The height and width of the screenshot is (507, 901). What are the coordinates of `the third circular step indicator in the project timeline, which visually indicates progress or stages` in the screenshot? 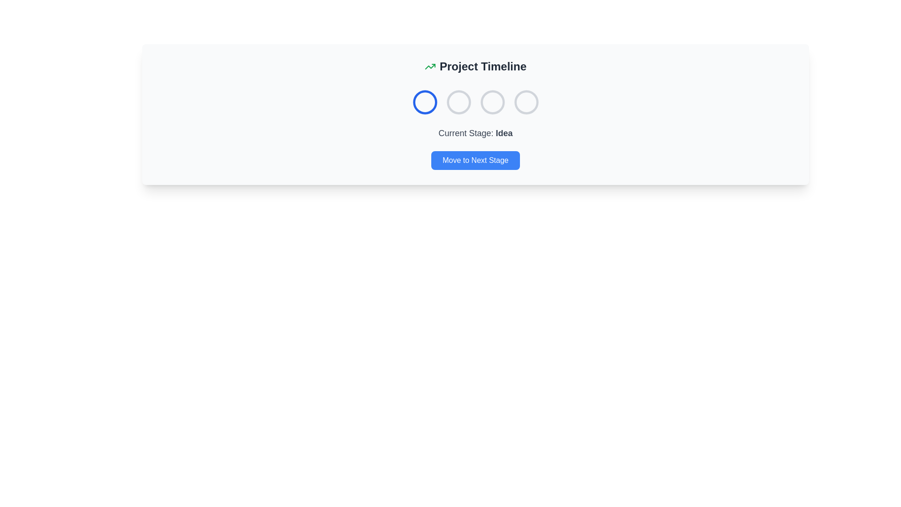 It's located at (492, 102).